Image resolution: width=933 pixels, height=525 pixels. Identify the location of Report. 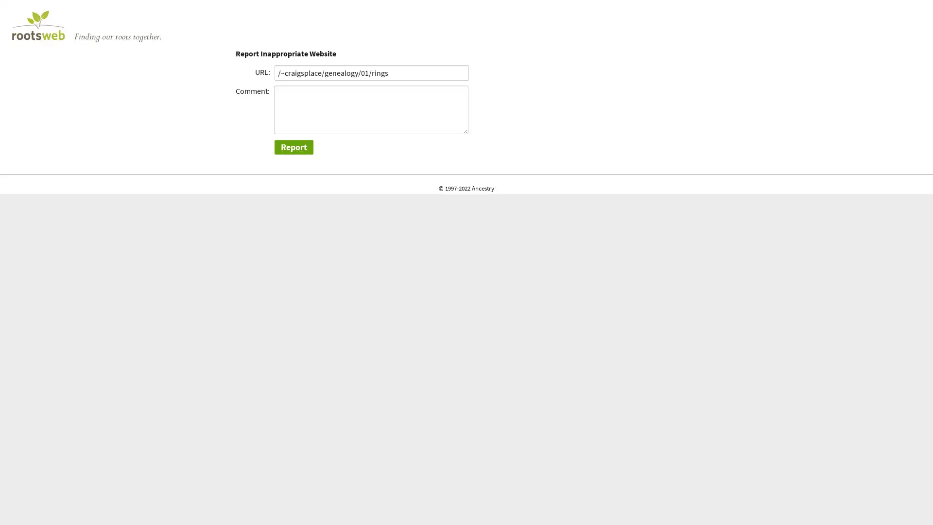
(293, 147).